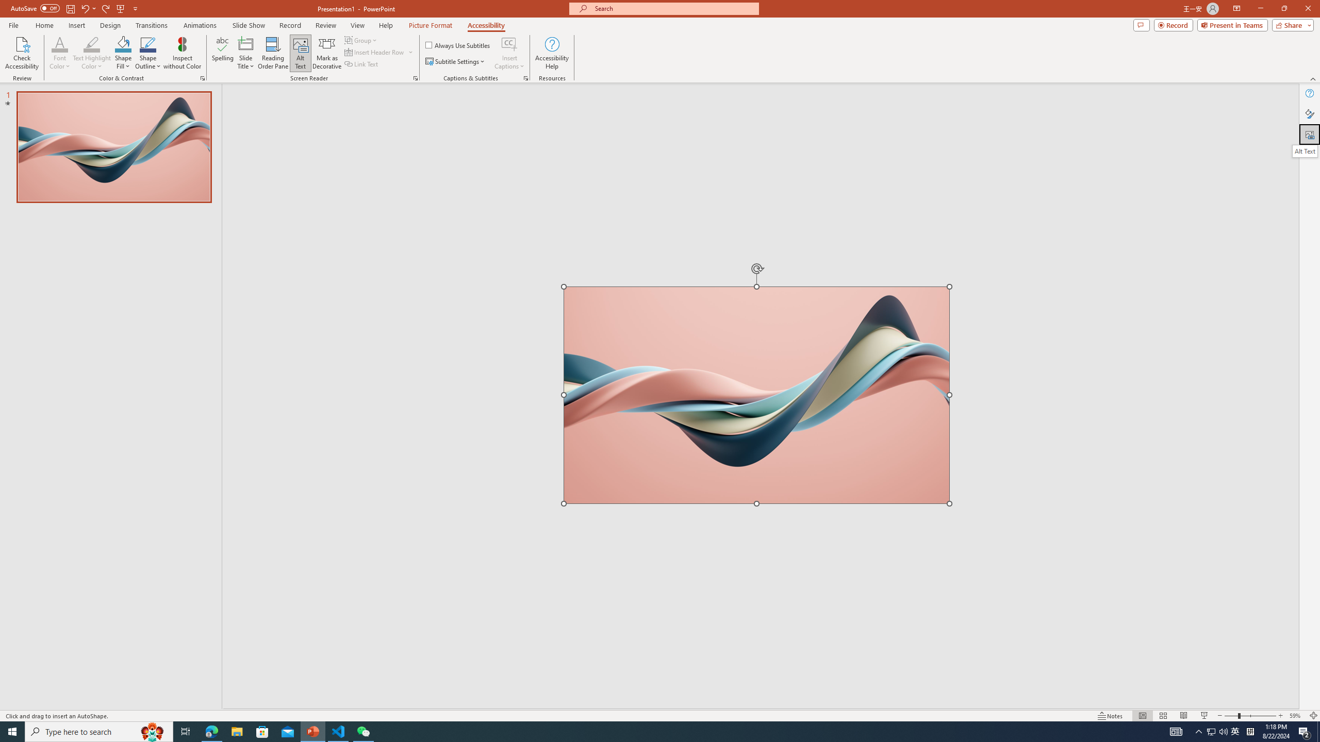 This screenshot has height=742, width=1320. What do you see at coordinates (202, 77) in the screenshot?
I see `'Color & Contrast'` at bounding box center [202, 77].